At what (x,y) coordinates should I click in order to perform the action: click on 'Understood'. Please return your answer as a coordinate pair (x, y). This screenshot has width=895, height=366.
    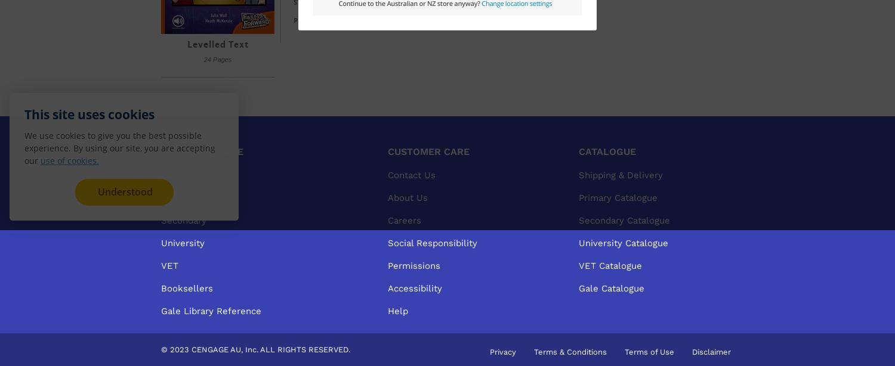
    Looking at the image, I should click on (124, 191).